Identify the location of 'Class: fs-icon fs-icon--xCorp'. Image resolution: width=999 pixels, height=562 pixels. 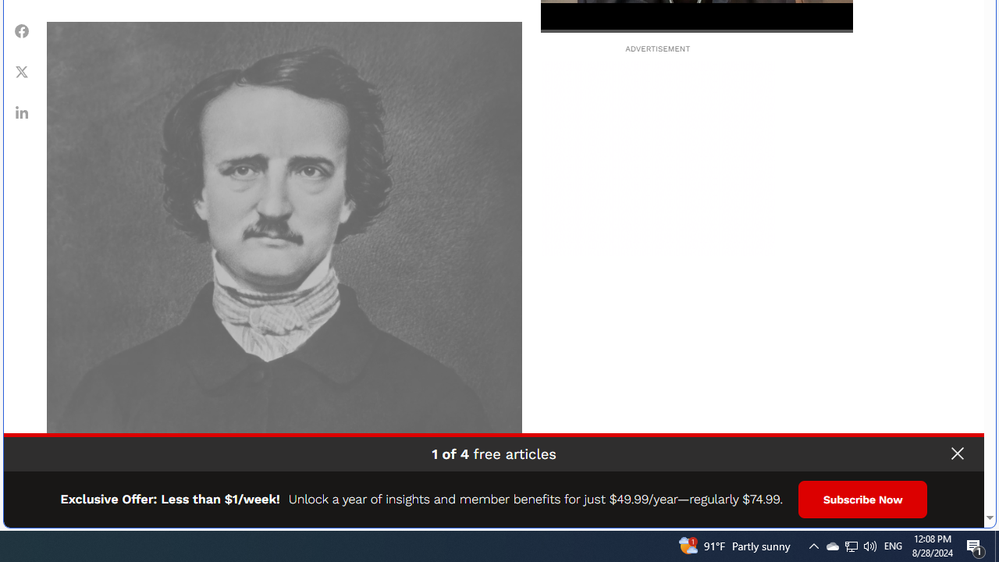
(22, 71).